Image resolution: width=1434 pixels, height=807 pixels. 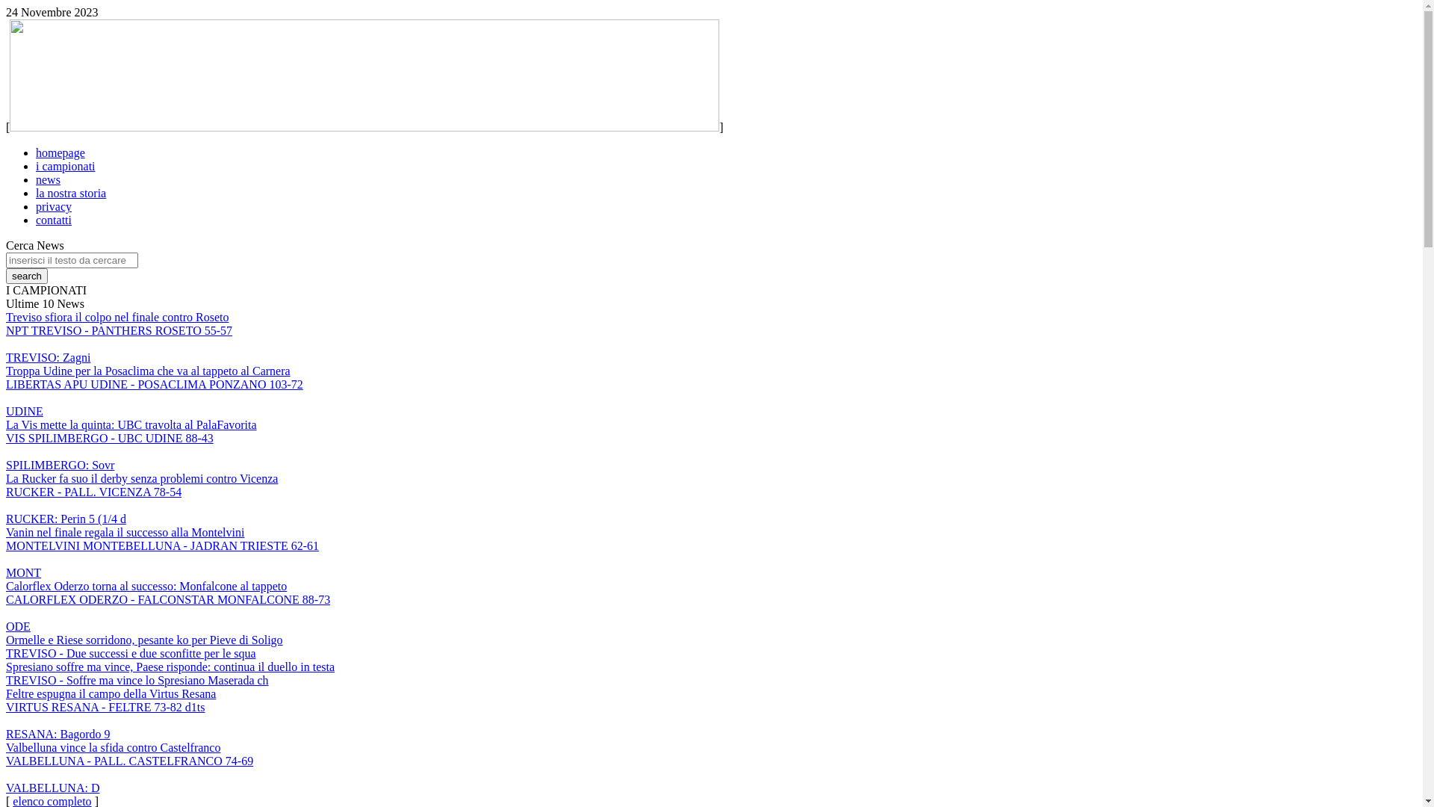 What do you see at coordinates (118, 344) in the screenshot?
I see `'NPT TREVISO - PANTHERS ROSETO 55-57` at bounding box center [118, 344].